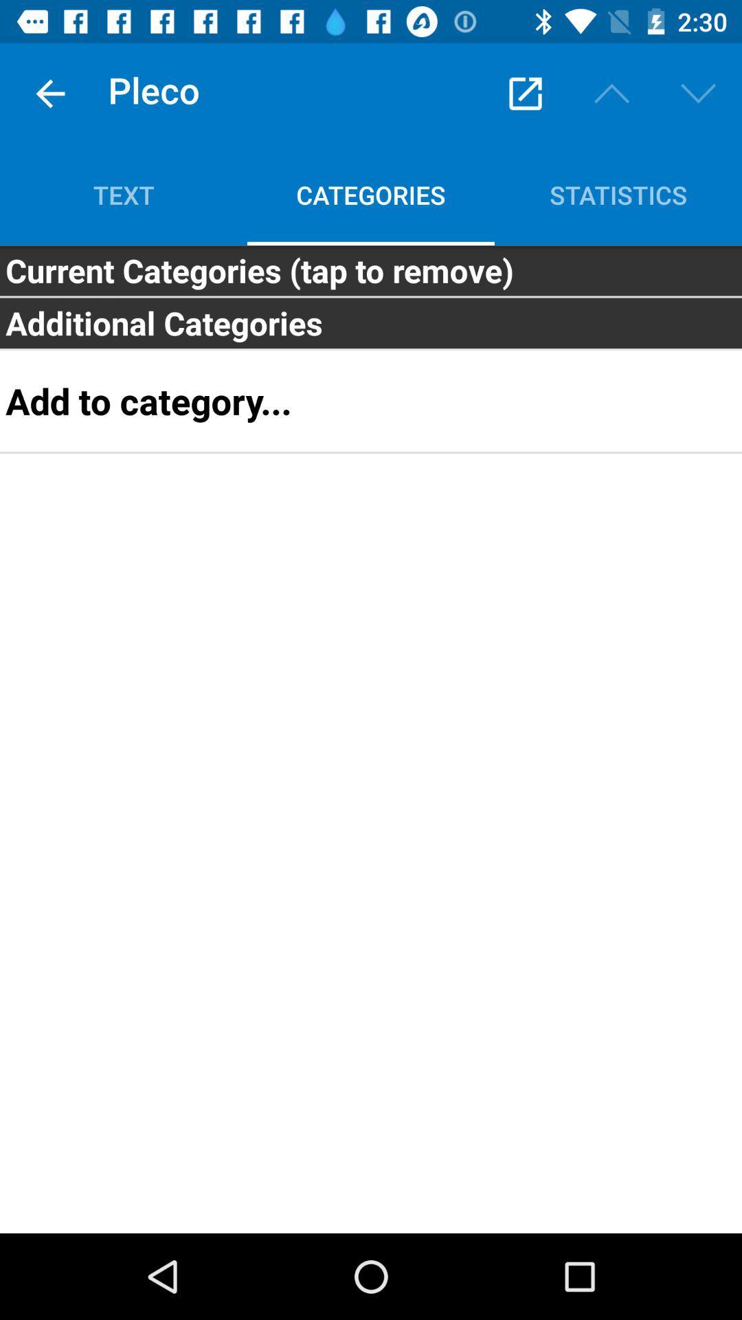 This screenshot has width=742, height=1320. Describe the element at coordinates (371, 322) in the screenshot. I see `item above the add to category... item` at that location.